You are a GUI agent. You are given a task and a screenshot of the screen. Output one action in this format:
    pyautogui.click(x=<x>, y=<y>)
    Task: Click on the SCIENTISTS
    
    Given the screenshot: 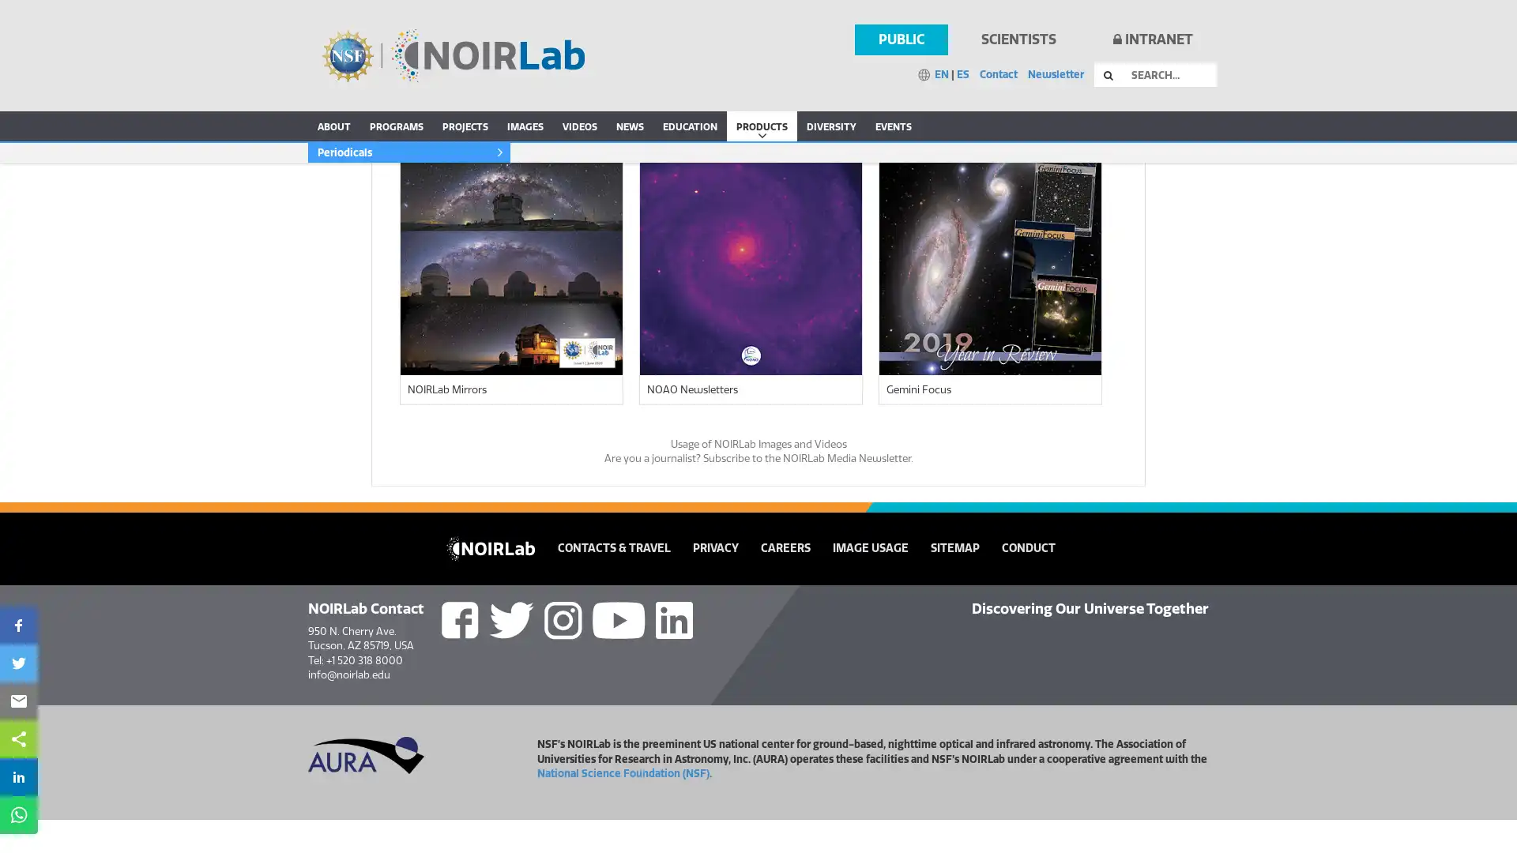 What is the action you would take?
    pyautogui.click(x=1018, y=39)
    